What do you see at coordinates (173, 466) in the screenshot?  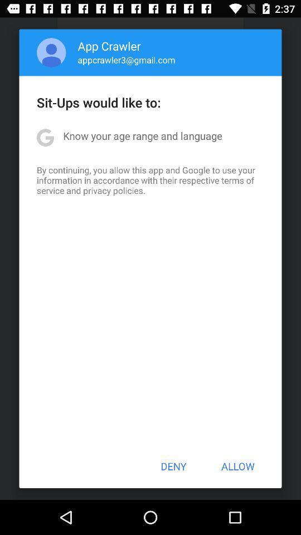 I see `the button at the bottom` at bounding box center [173, 466].